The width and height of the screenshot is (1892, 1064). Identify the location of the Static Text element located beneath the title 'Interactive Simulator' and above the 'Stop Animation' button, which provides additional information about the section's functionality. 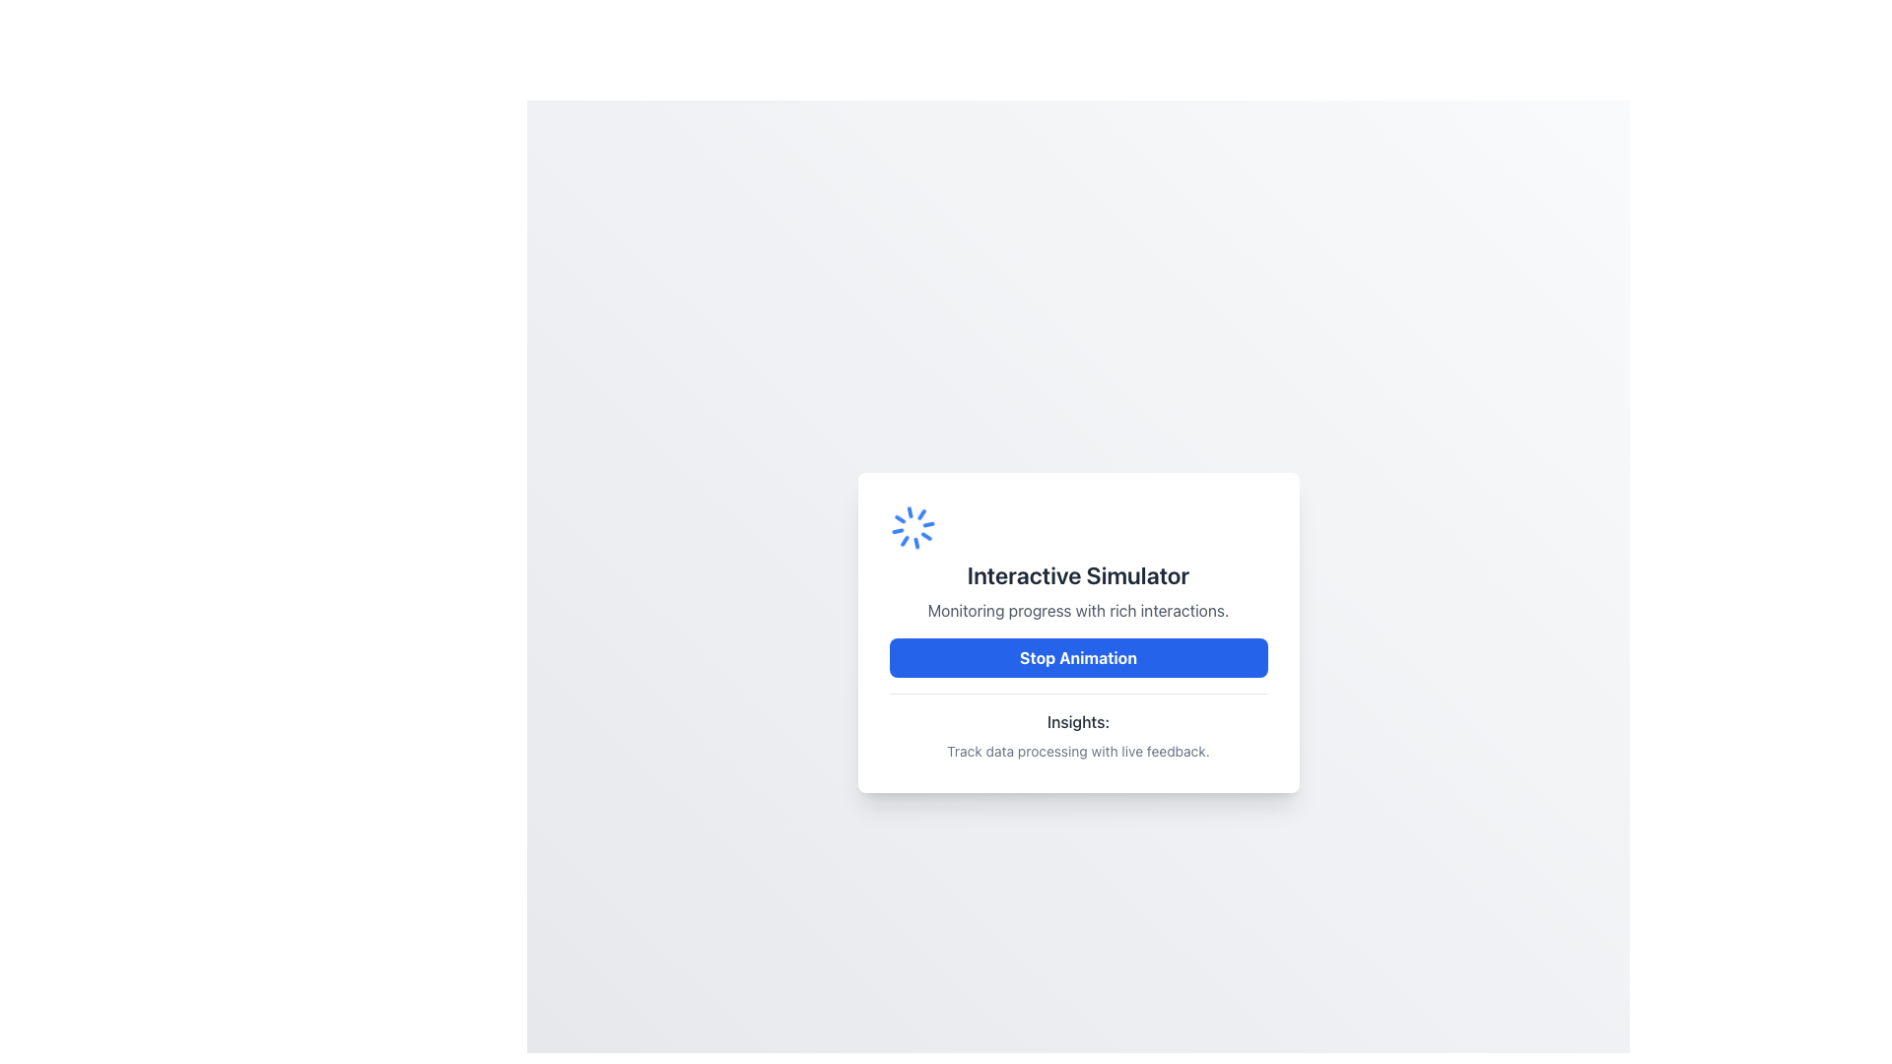
(1077, 609).